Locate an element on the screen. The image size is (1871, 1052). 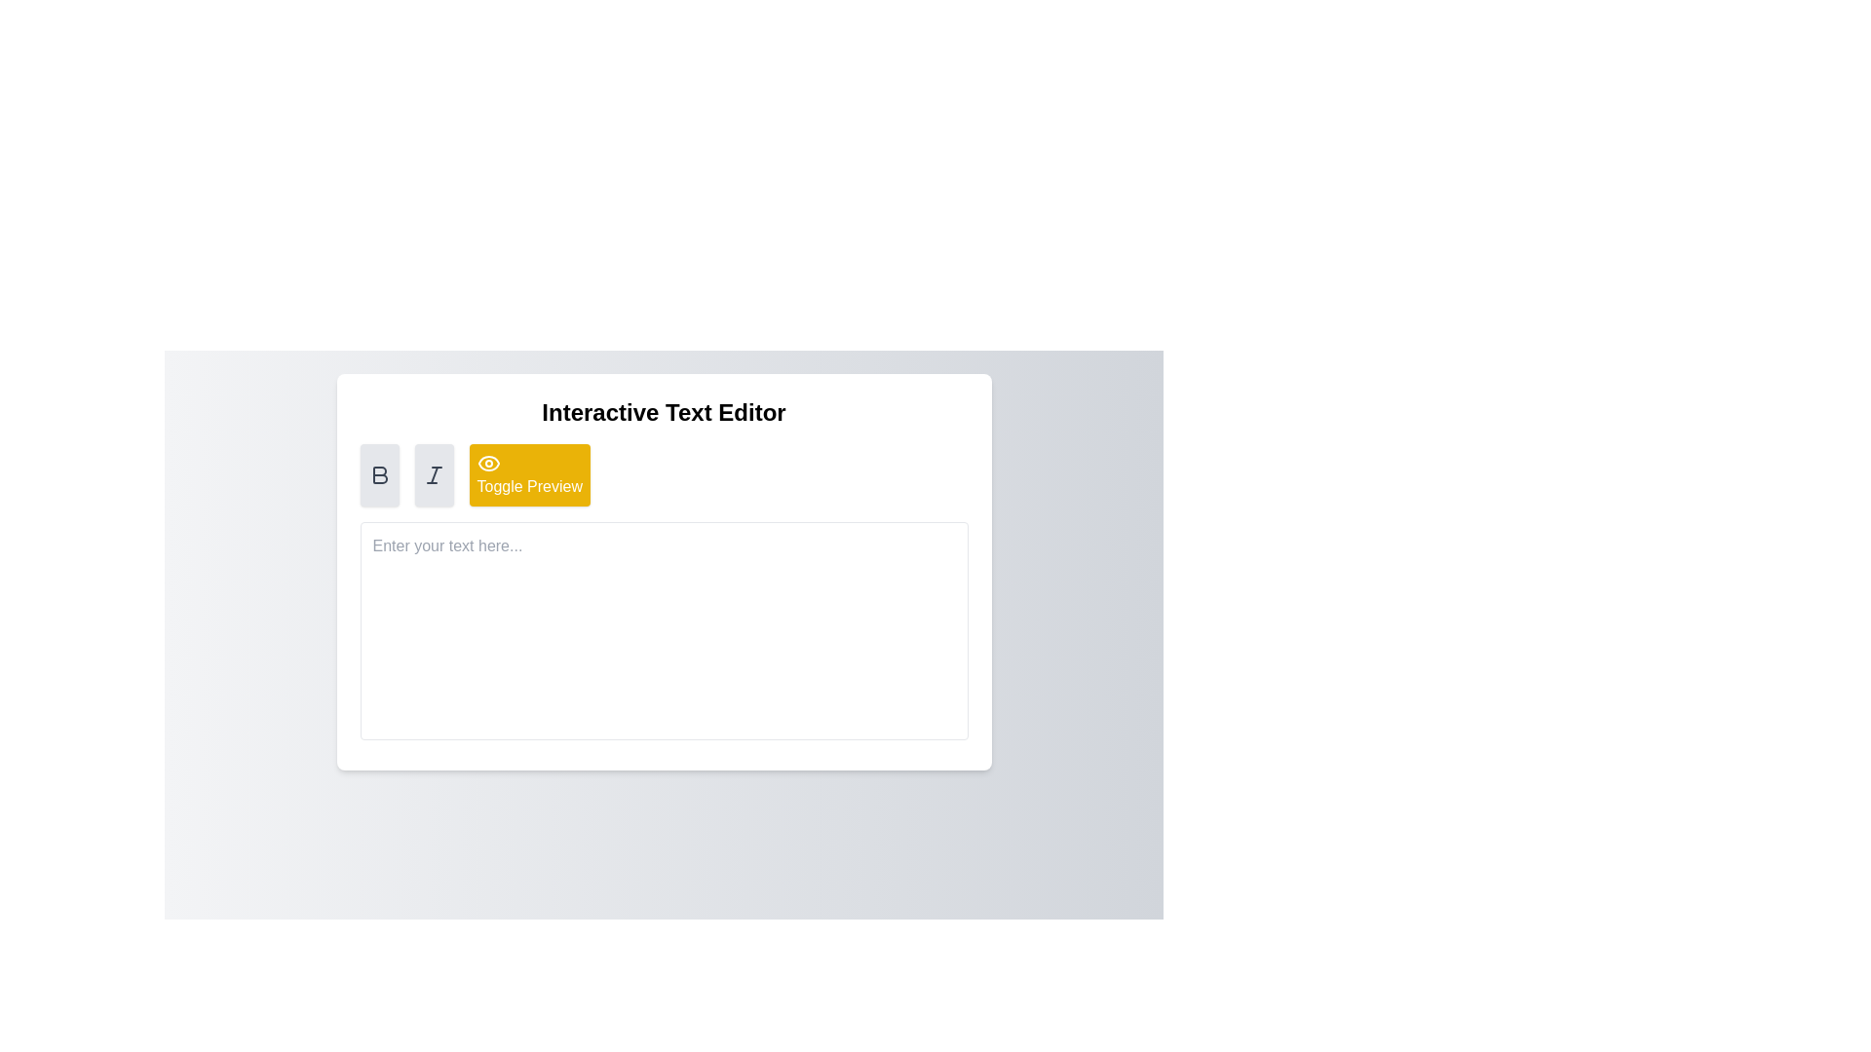
the 'Toggle Preview' button with a yellow background and white text is located at coordinates (529, 475).